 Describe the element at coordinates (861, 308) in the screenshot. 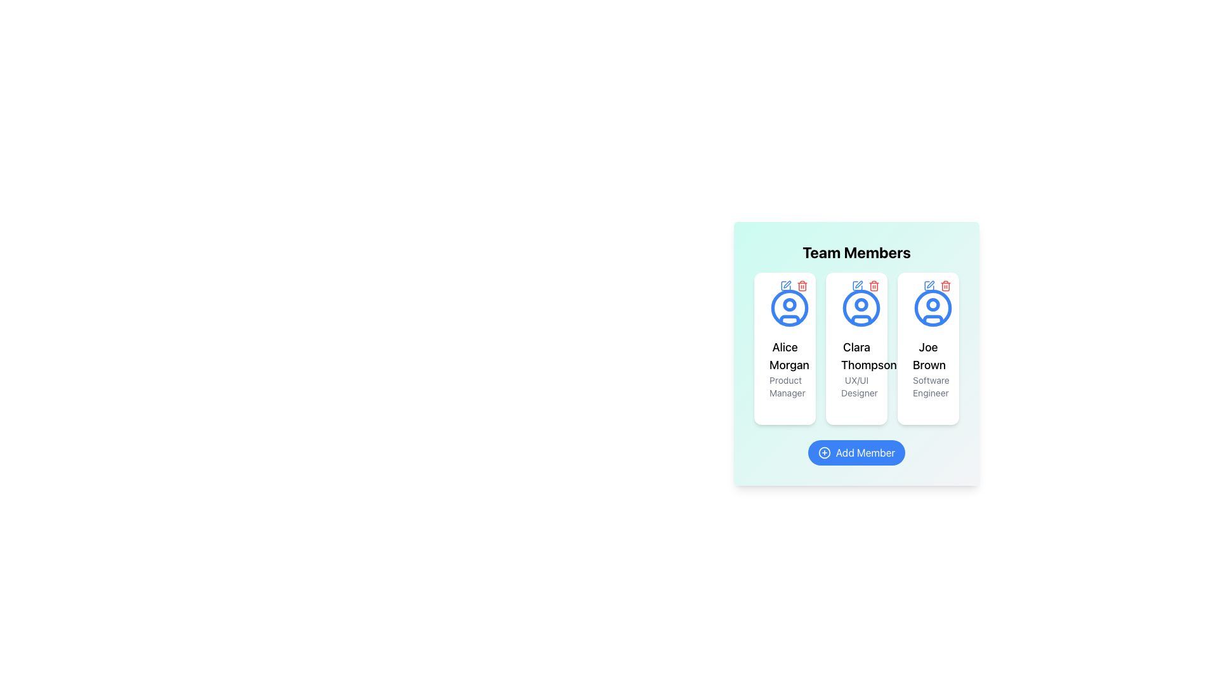

I see `the circular graphic icon representing the user, styled in blue, located at the top-center of the card displaying information about 'Clara Thompson'` at that location.